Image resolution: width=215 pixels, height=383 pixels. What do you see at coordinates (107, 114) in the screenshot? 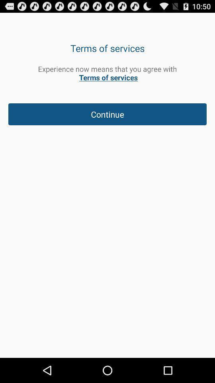
I see `the continue item` at bounding box center [107, 114].